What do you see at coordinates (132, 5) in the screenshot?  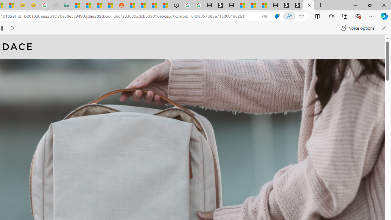 I see `'R******* | Trusted Community Engagement and Contributions'` at bounding box center [132, 5].